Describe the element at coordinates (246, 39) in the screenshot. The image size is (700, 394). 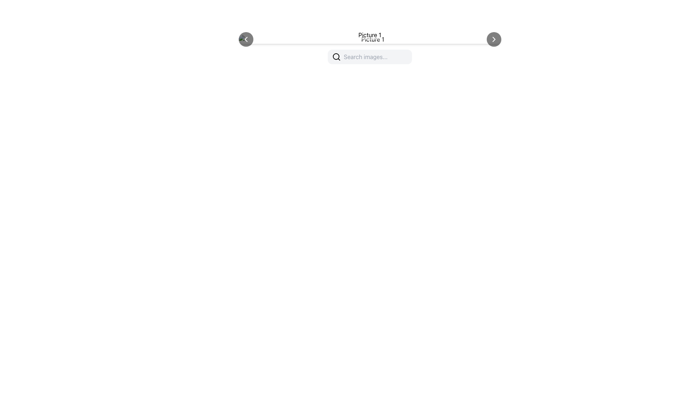
I see `the circular button with a dark gray background and a left-pointing chevron` at that location.